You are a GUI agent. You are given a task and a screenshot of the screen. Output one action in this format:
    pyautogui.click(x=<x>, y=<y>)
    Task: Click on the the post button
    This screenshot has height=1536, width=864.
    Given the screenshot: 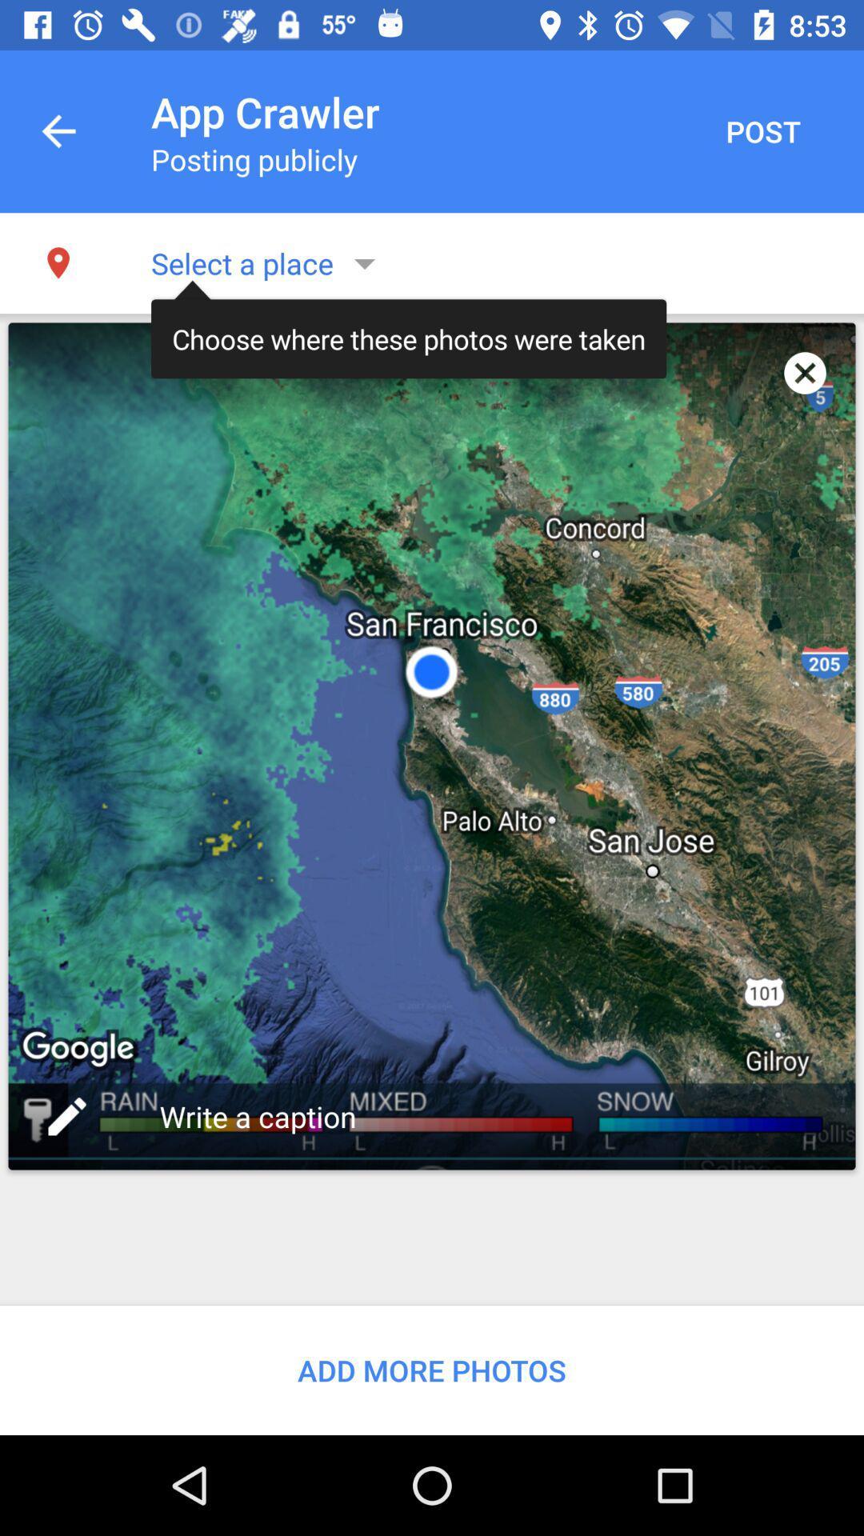 What is the action you would take?
    pyautogui.click(x=762, y=131)
    